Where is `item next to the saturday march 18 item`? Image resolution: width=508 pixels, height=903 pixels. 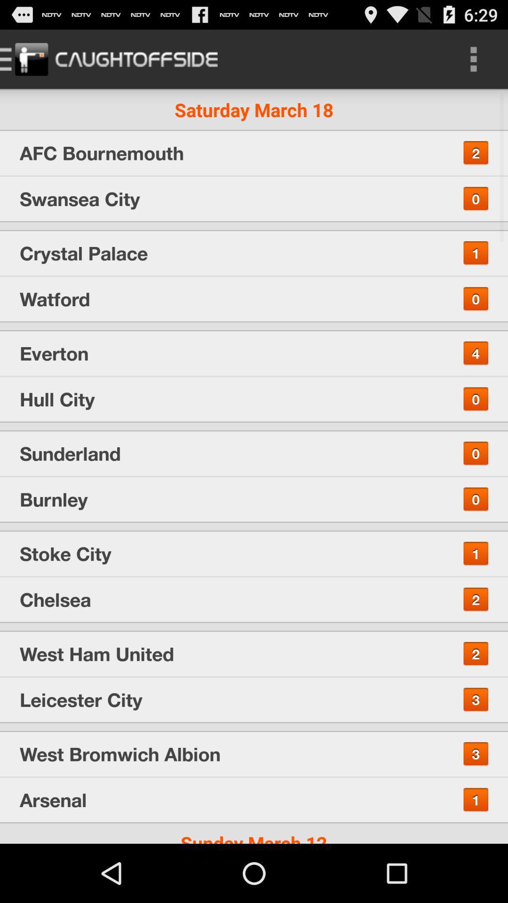 item next to the saturday march 18 item is located at coordinates (473, 58).